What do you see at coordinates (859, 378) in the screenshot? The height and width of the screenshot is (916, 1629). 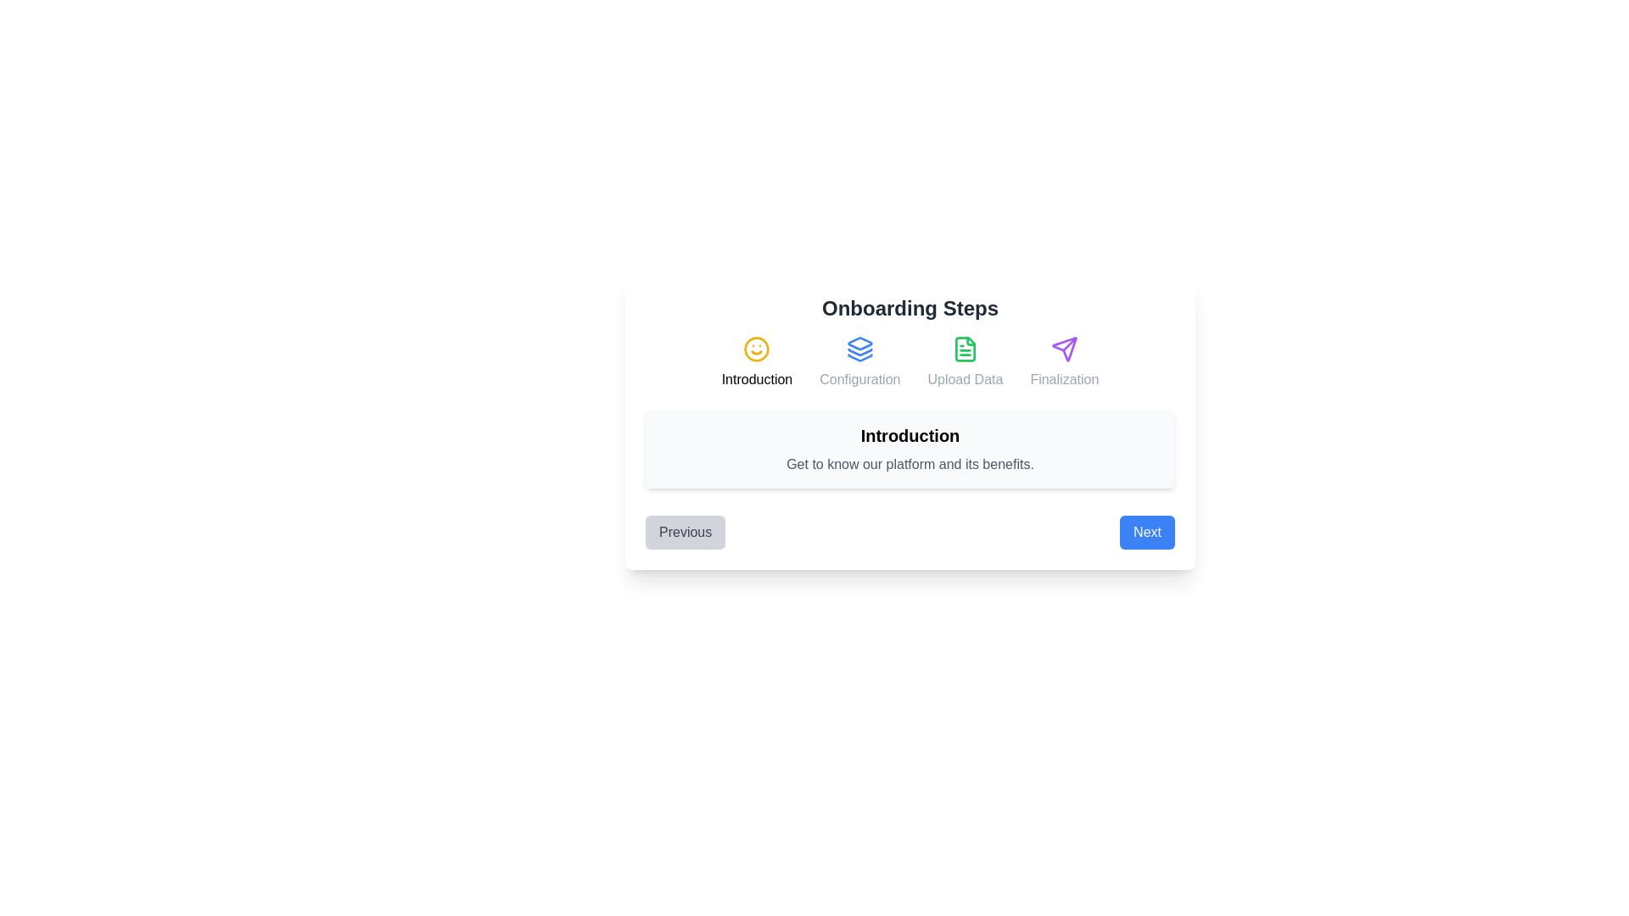 I see `the text label displaying 'Configuration', which is part of a step indicator layout and is positioned below a blue icon resembling stacked layers` at bounding box center [859, 378].